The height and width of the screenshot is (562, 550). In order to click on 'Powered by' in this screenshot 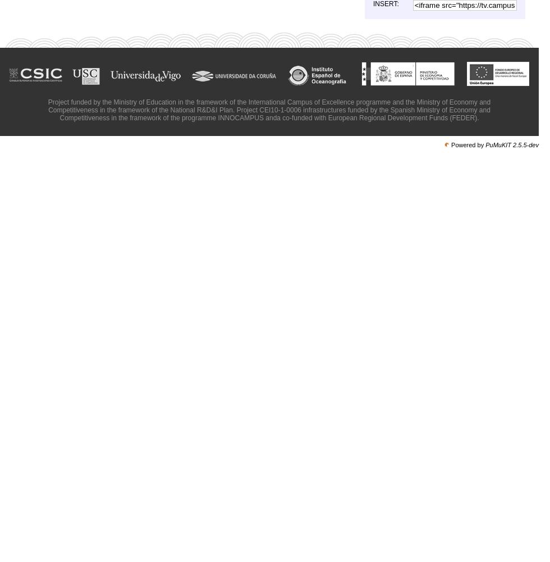, I will do `click(451, 145)`.